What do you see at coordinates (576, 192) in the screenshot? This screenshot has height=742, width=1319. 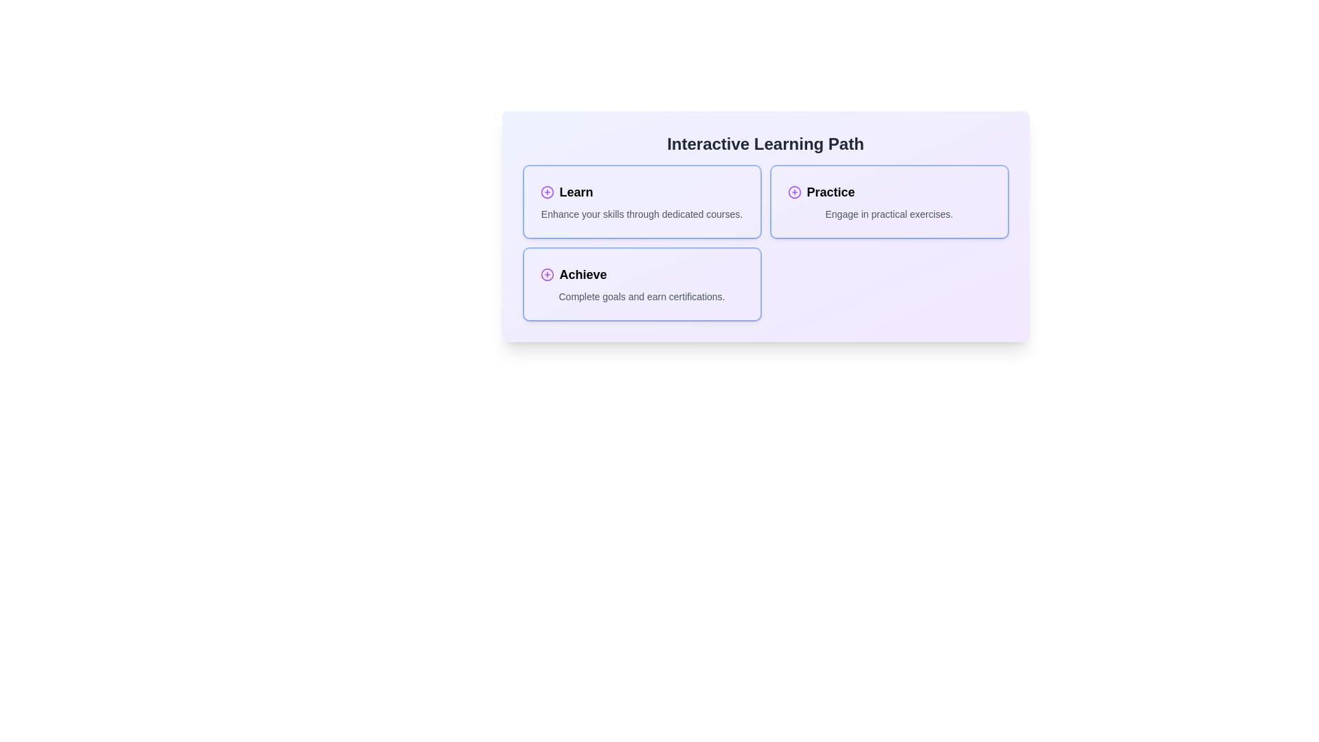 I see `text label displaying the word 'Learn' in bold, located within the first card of a grid layout, near the top edge of the card` at bounding box center [576, 192].